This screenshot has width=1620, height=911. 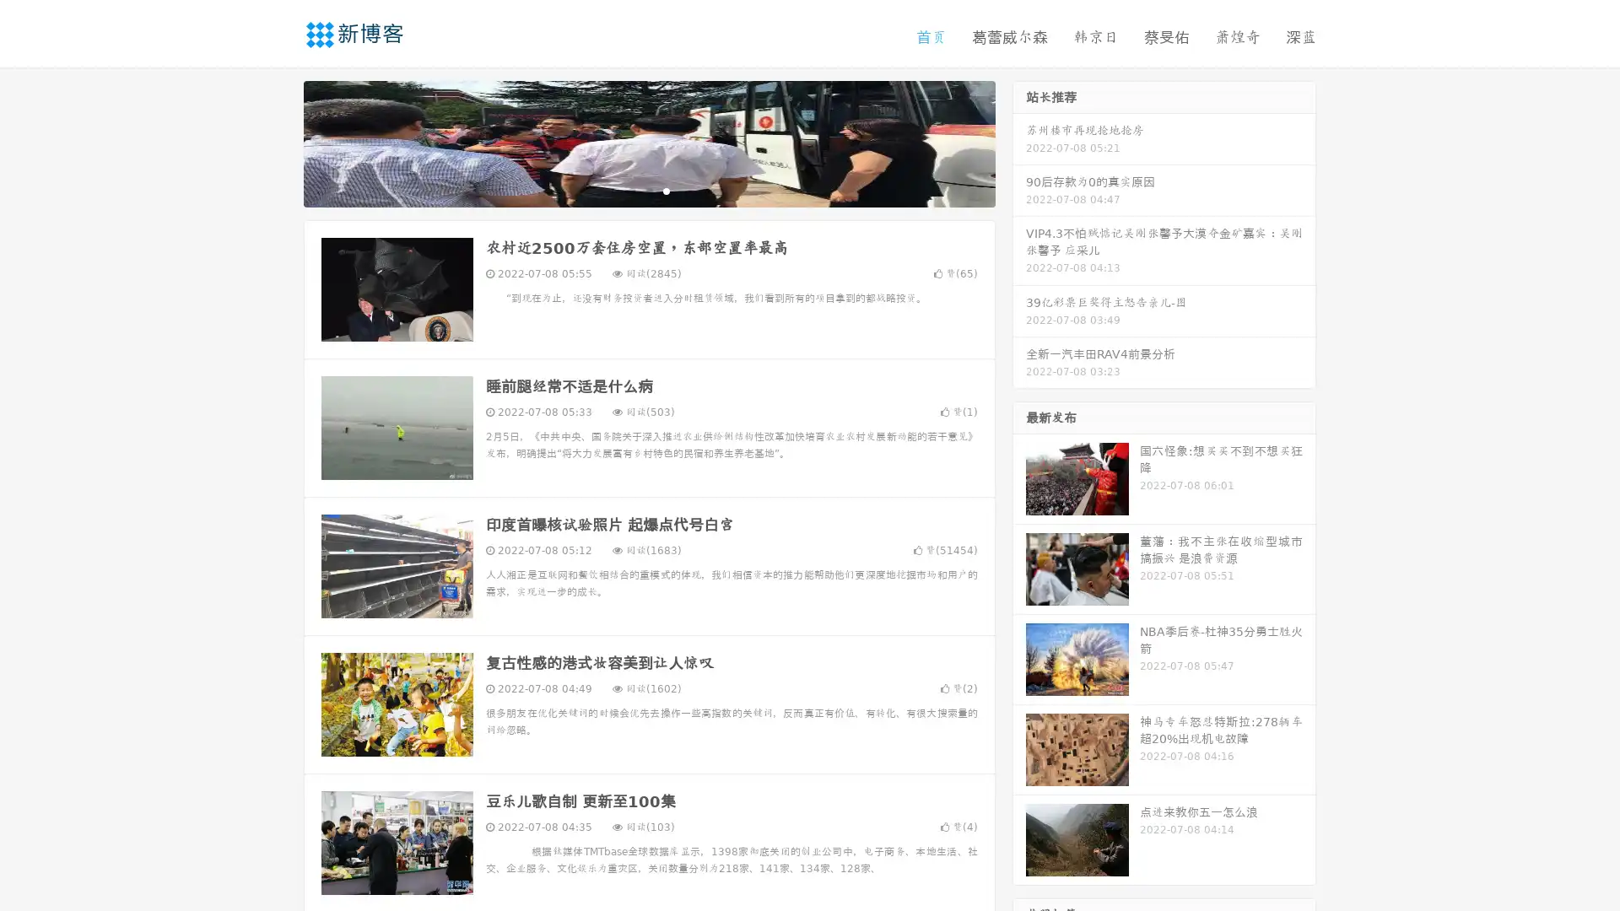 I want to click on Previous slide, so click(x=278, y=142).